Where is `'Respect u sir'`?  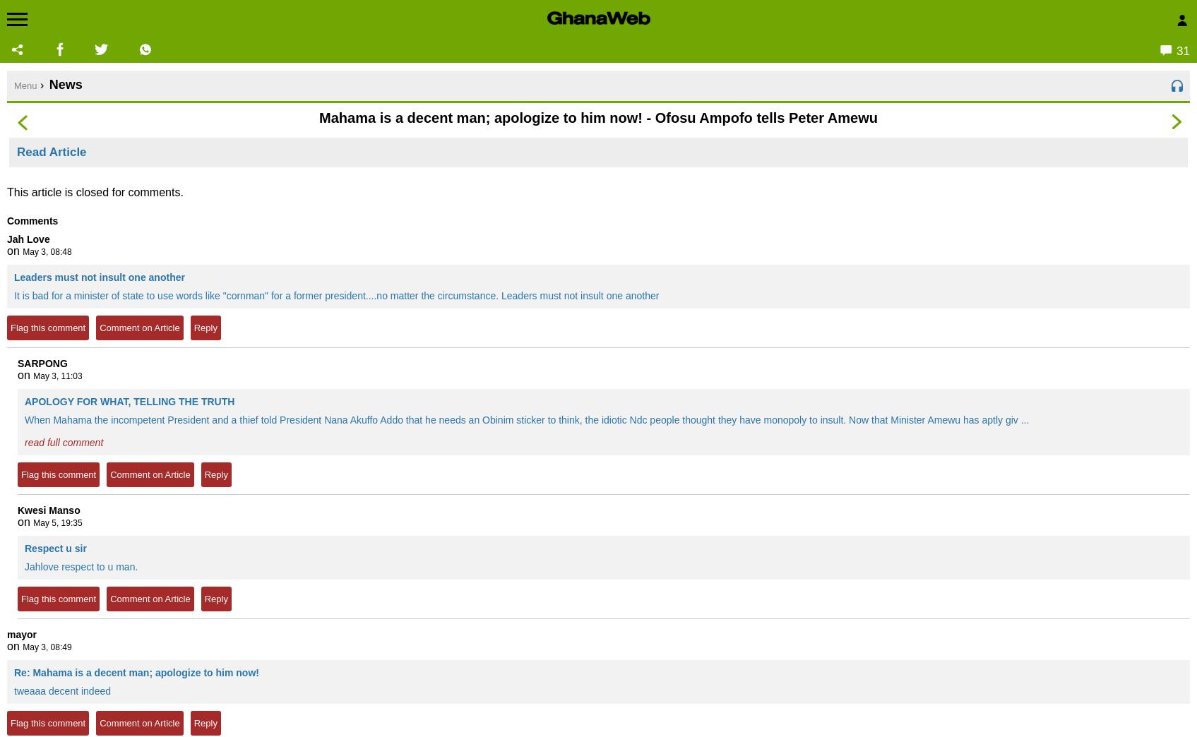
'Respect u sir' is located at coordinates (54, 549).